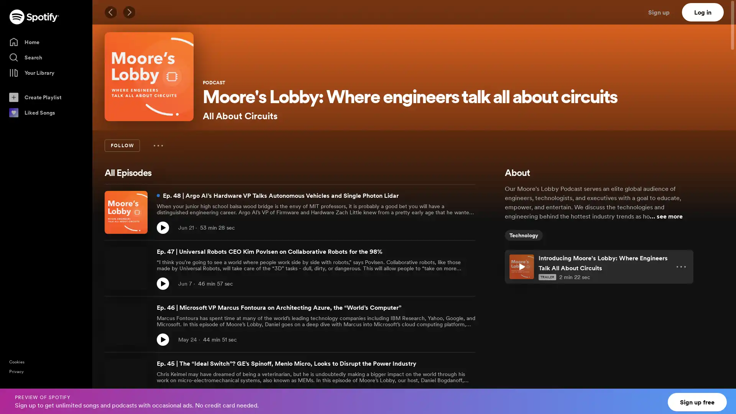 This screenshot has width=736, height=414. I want to click on Sign up, so click(663, 12).